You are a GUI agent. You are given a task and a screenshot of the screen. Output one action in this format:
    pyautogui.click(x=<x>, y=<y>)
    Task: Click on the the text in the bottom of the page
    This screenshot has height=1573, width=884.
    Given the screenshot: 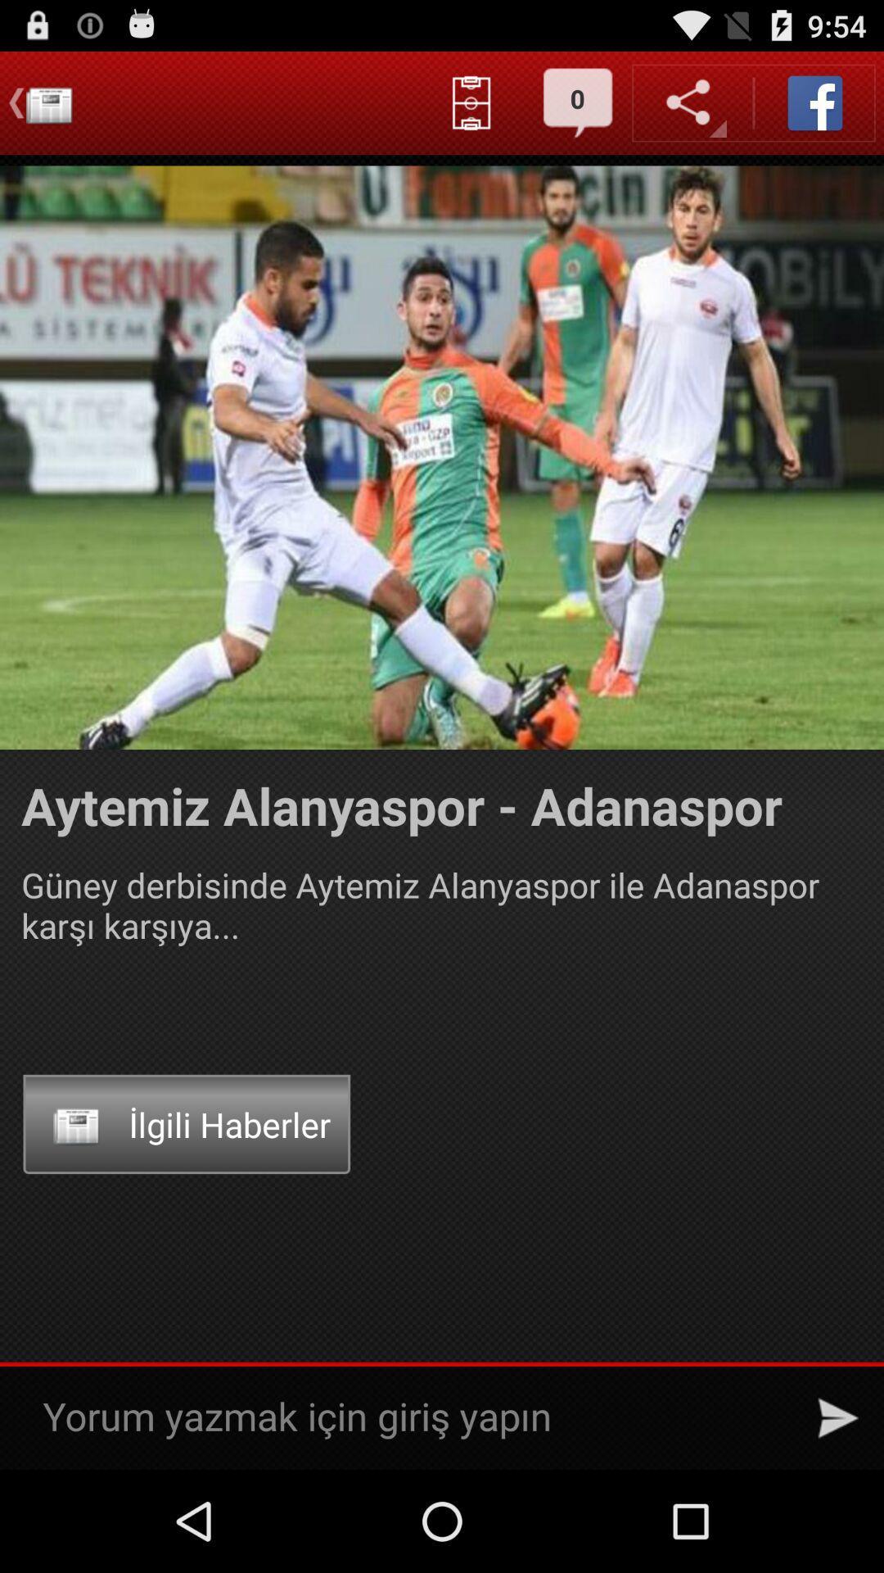 What is the action you would take?
    pyautogui.click(x=412, y=1417)
    